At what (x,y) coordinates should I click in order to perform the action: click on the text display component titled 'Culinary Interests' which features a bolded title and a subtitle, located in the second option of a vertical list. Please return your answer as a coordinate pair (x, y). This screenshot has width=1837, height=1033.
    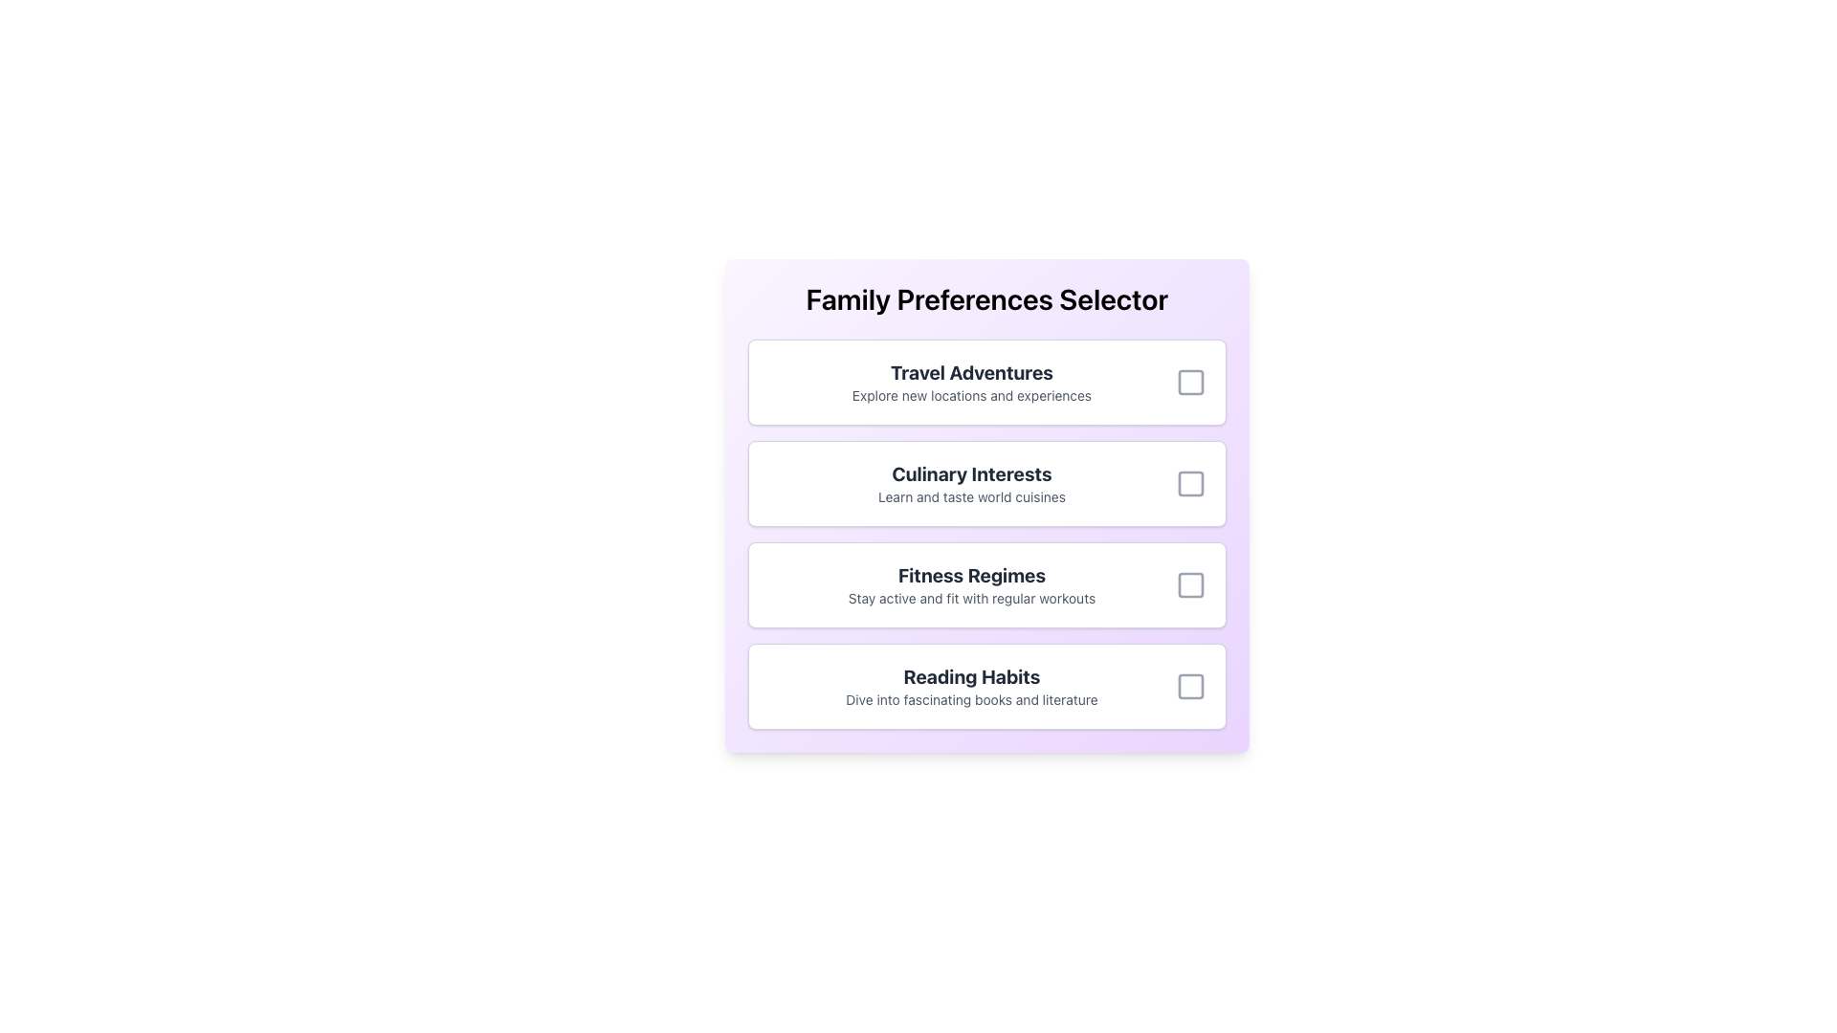
    Looking at the image, I should click on (972, 482).